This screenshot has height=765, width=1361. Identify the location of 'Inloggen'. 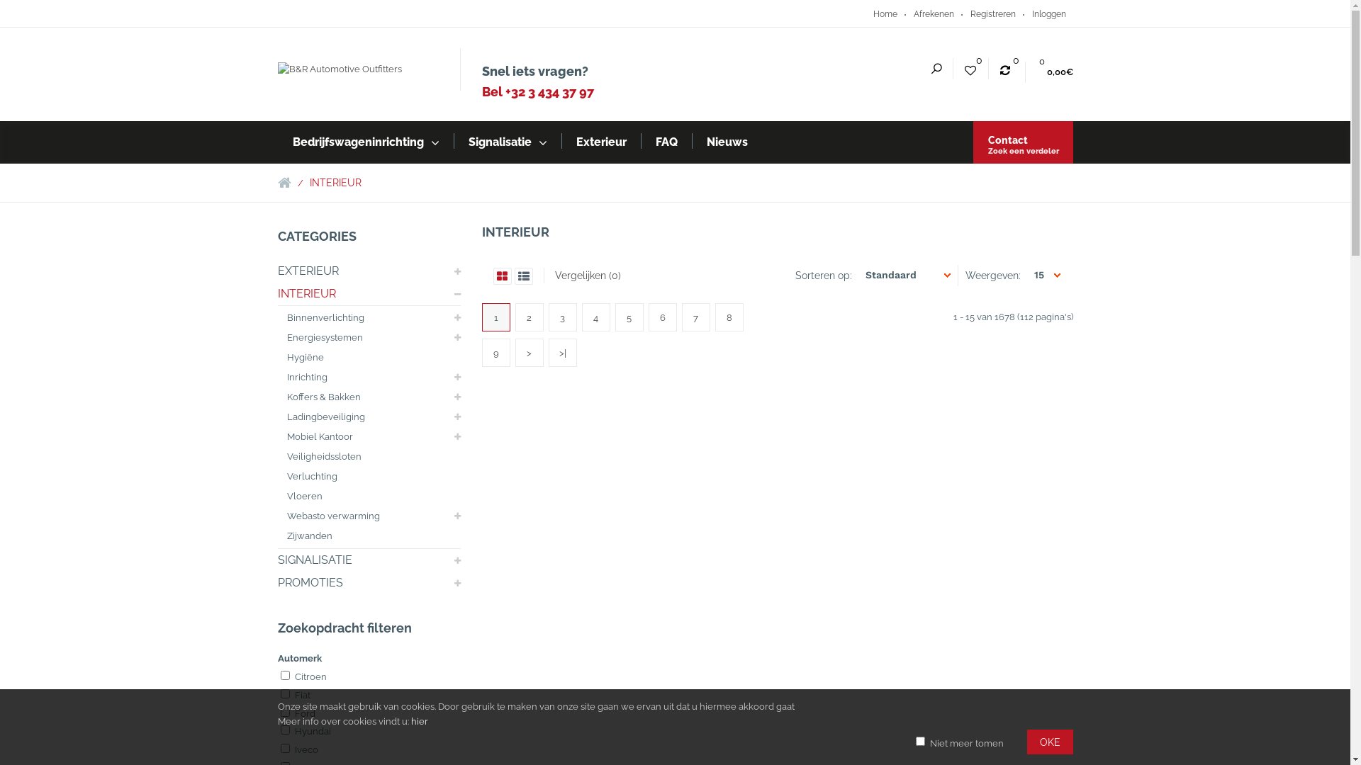
(1031, 14).